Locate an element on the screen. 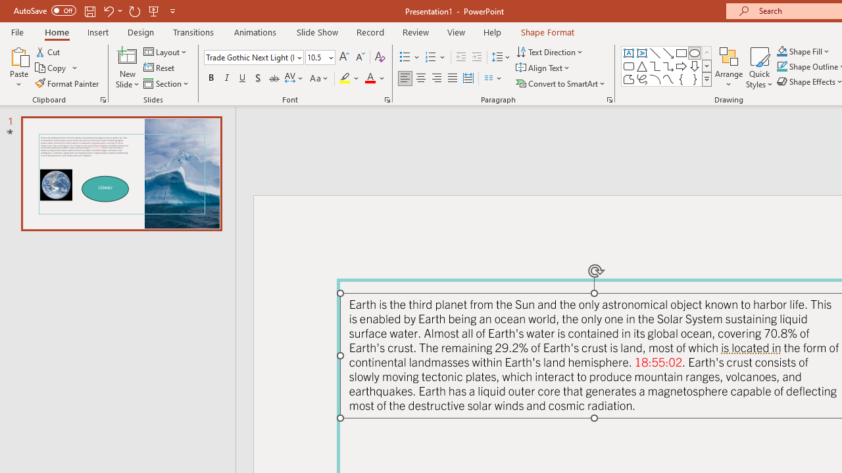 Image resolution: width=842 pixels, height=473 pixels. 'Change Case' is located at coordinates (320, 78).